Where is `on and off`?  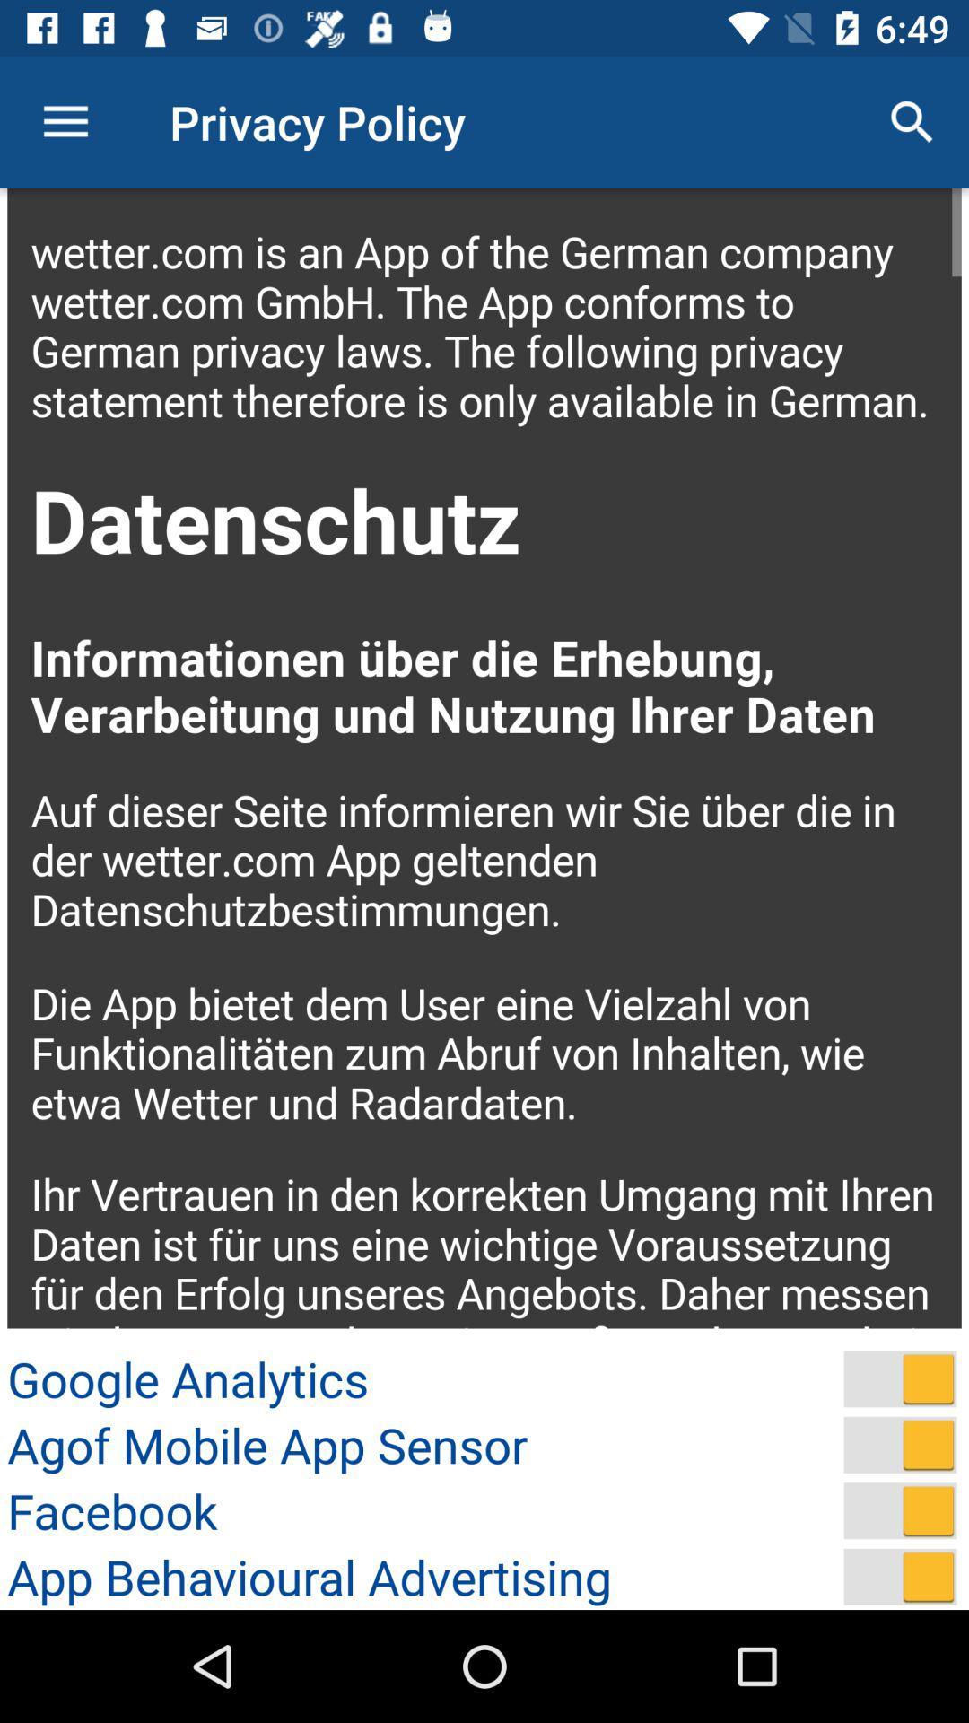 on and off is located at coordinates (900, 1445).